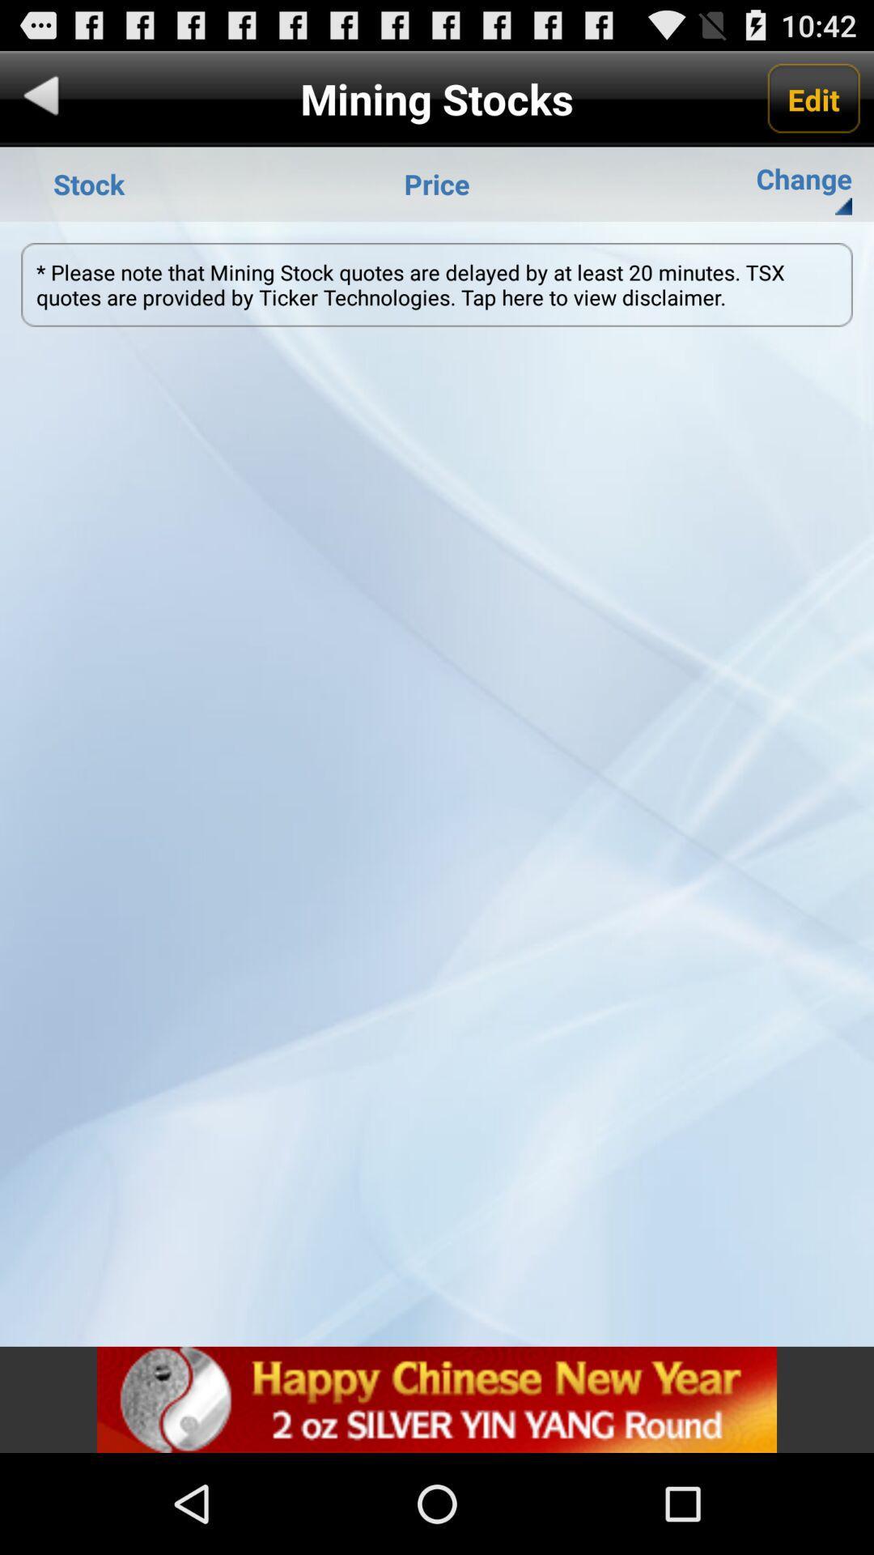 The height and width of the screenshot is (1555, 874). I want to click on for advertisement, so click(437, 1399).